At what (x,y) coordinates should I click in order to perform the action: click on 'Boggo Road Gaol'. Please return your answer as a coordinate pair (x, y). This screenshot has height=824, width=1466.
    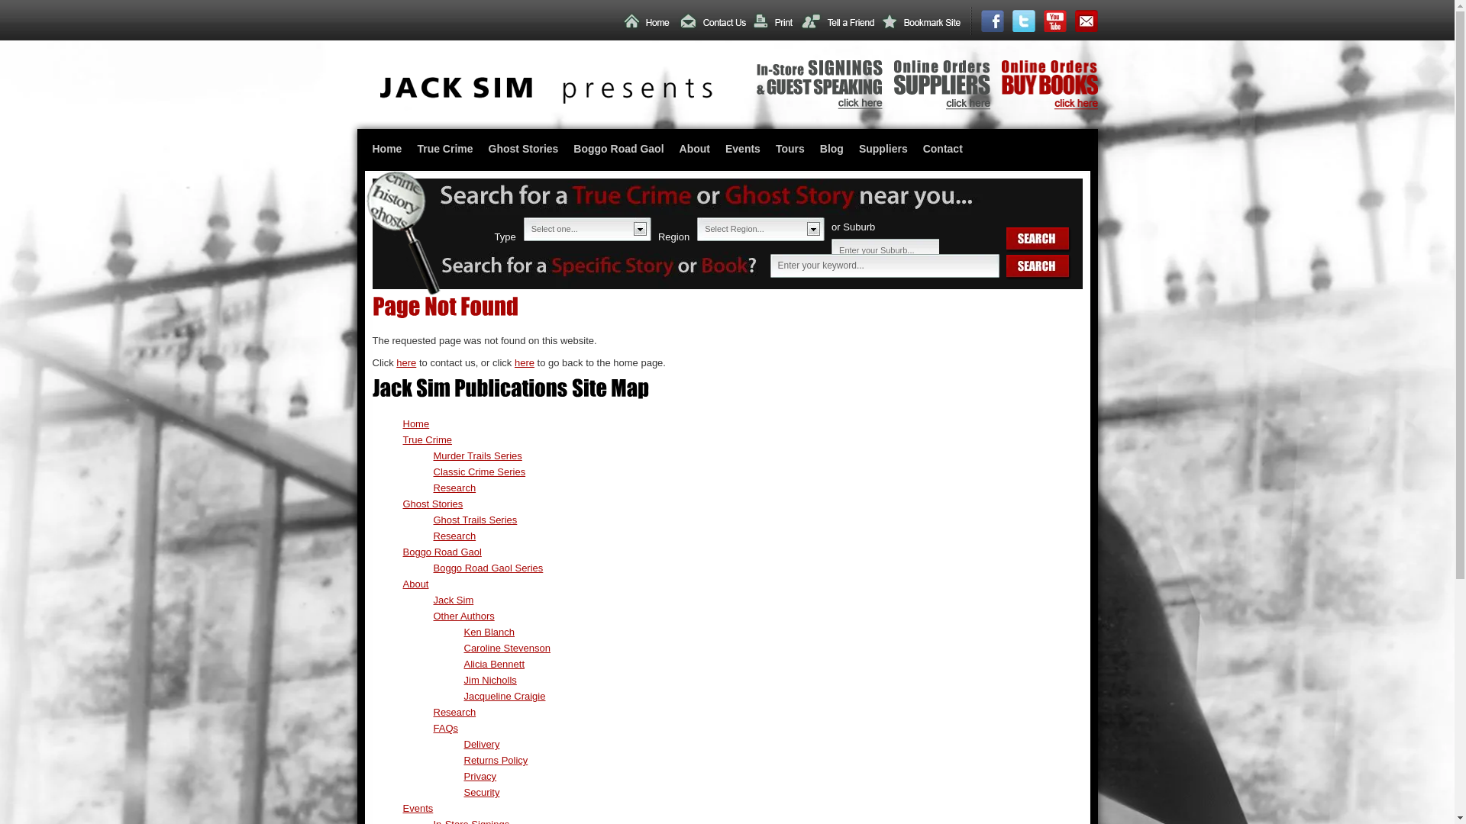
    Looking at the image, I should click on (441, 552).